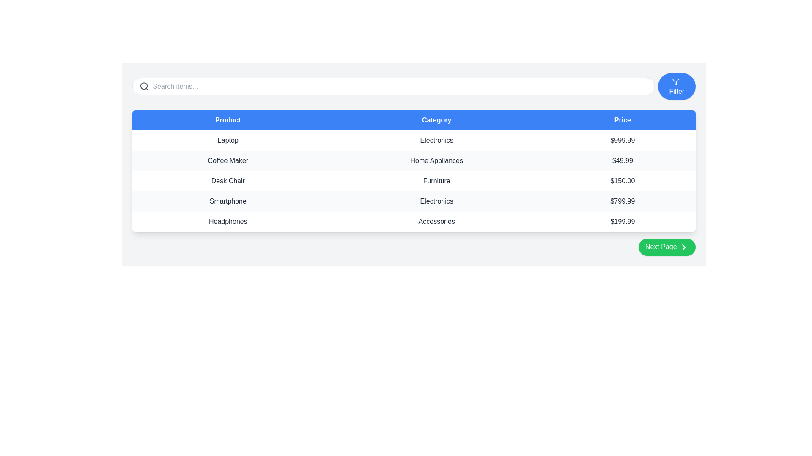  What do you see at coordinates (623, 140) in the screenshot?
I see `the text label displaying the price '$999.99' under the 'Price' column for the 'Laptop' product in the table` at bounding box center [623, 140].